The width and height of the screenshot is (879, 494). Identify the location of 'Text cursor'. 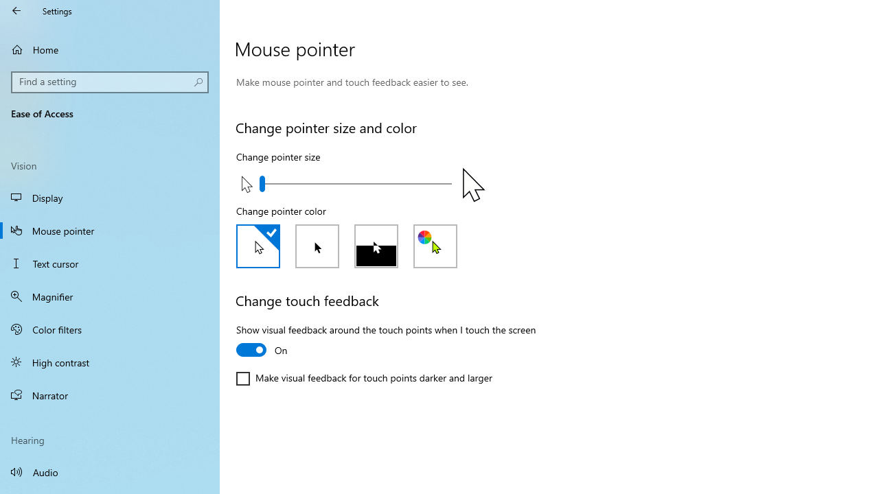
(110, 263).